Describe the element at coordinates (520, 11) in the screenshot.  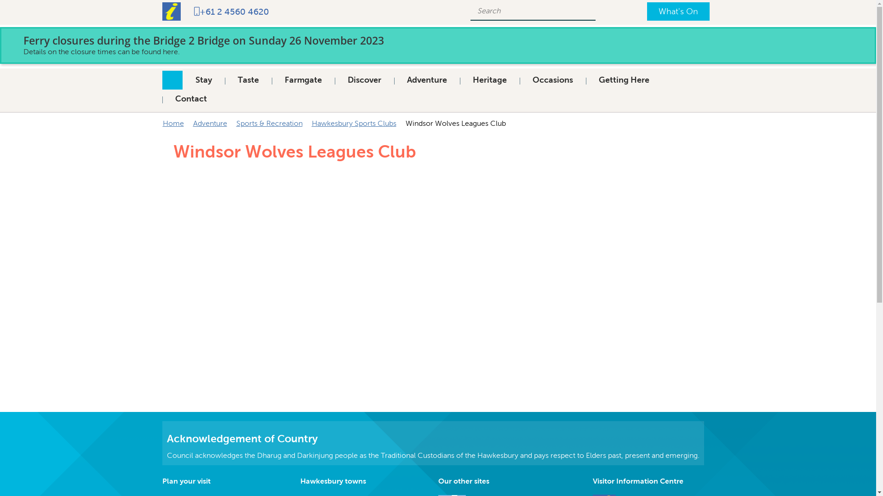
I see `'Search Field'` at that location.